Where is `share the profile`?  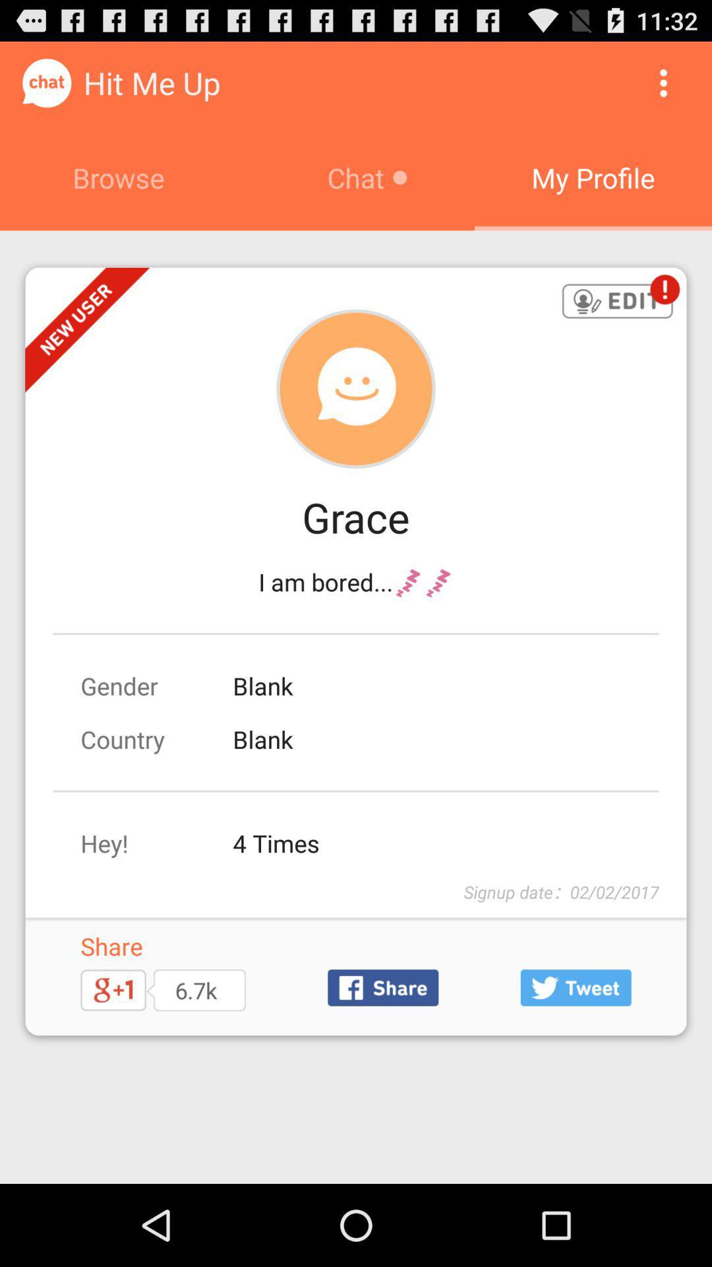
share the profile is located at coordinates (383, 988).